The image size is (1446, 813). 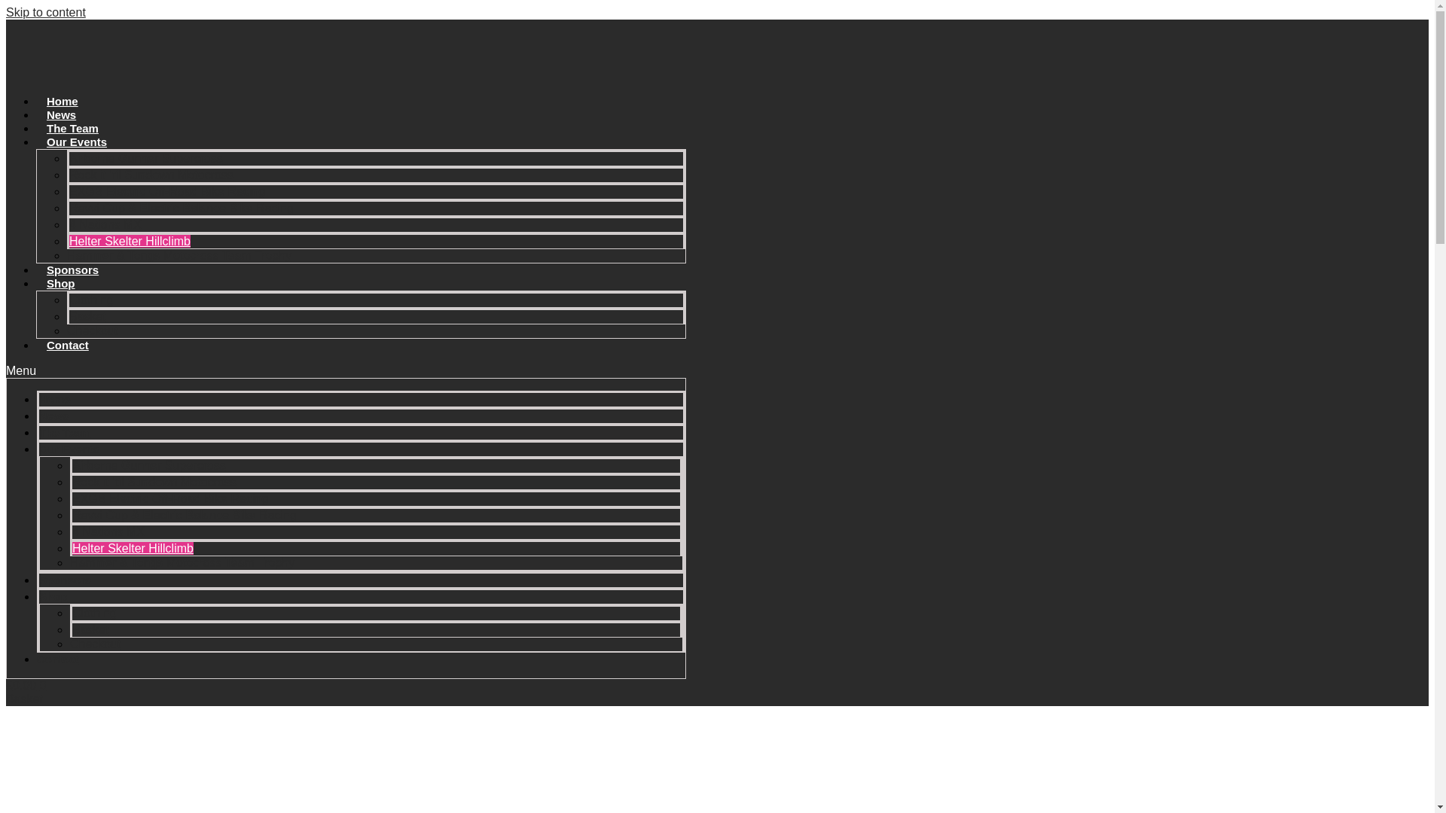 What do you see at coordinates (72, 127) in the screenshot?
I see `'The Team'` at bounding box center [72, 127].